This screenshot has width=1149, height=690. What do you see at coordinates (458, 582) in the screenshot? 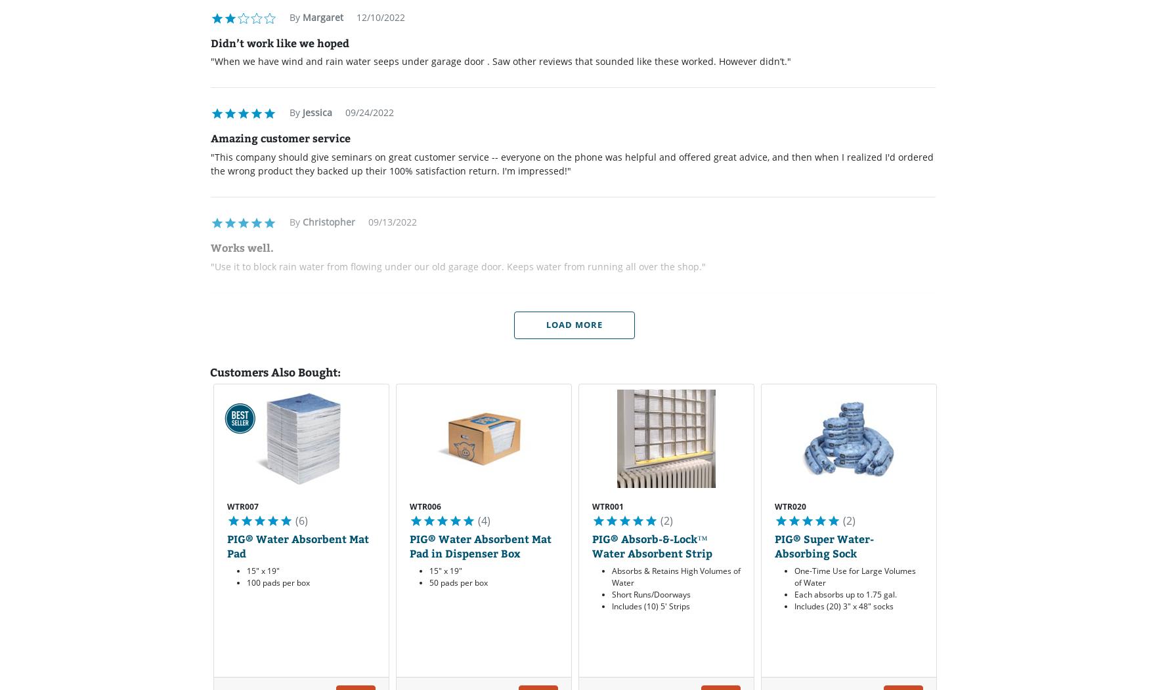
I see `'50 pads per box'` at bounding box center [458, 582].